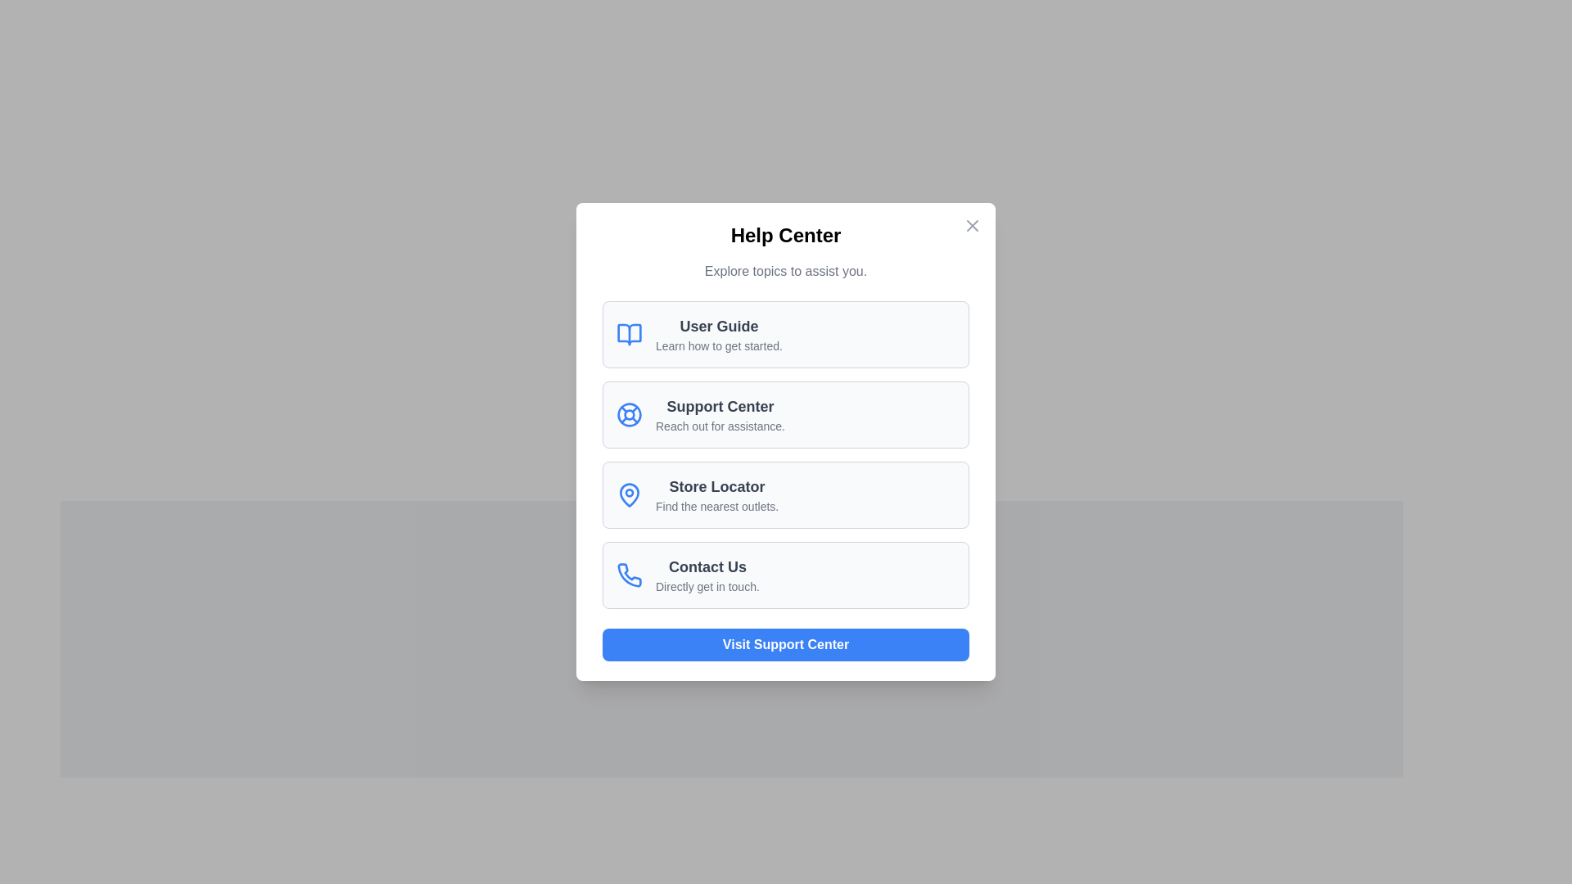 The height and width of the screenshot is (884, 1572). Describe the element at coordinates (719, 345) in the screenshot. I see `text displayed in the small, gray font saying 'Learn how to get started.' located below the 'User Guide' title in the 'Help Center' panel` at that location.